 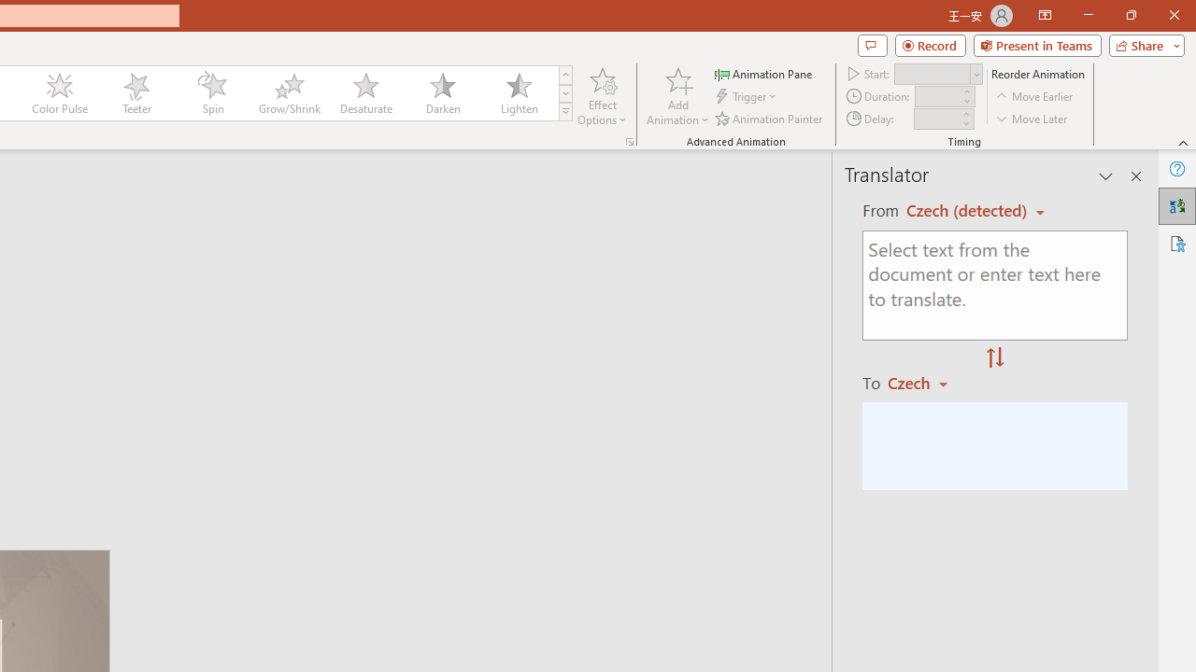 What do you see at coordinates (1106, 176) in the screenshot?
I see `'Task Pane Options'` at bounding box center [1106, 176].